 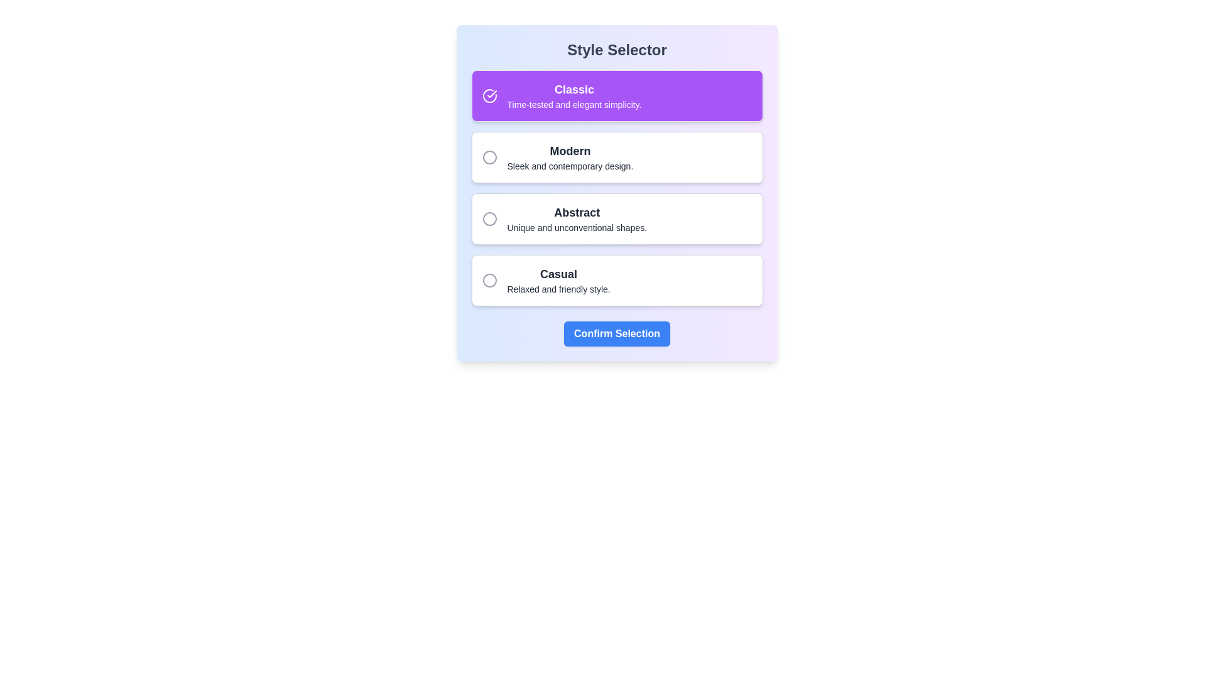 What do you see at coordinates (617, 156) in the screenshot?
I see `the 'Modern' style option by clicking the radio button or its surrounding area, which is the second selectable item in the vertical list of style options` at bounding box center [617, 156].